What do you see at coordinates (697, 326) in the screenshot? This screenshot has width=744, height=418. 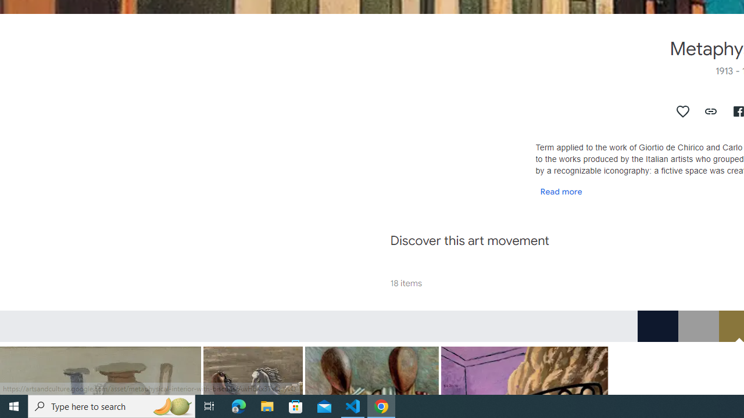 I see `'RGB_9C9C9C'` at bounding box center [697, 326].